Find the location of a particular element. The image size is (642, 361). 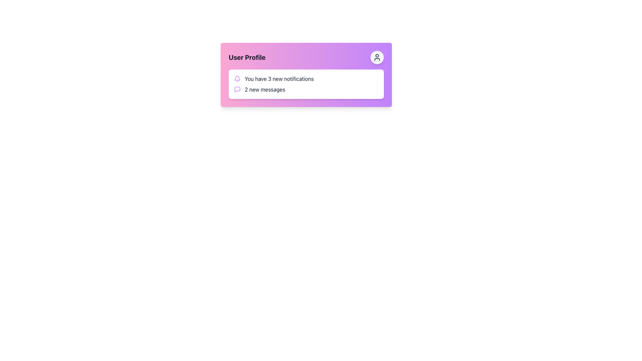

the user profile icon located at the top-right corner of the 'User Profile' card is located at coordinates (377, 57).